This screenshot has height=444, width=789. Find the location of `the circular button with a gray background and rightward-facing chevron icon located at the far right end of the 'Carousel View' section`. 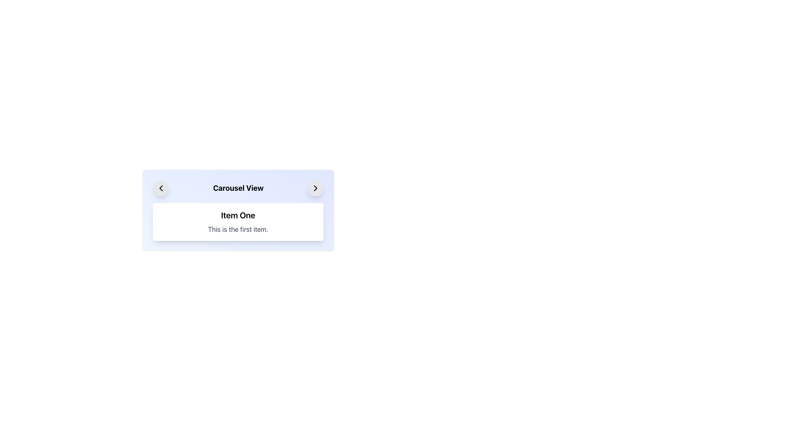

the circular button with a gray background and rightward-facing chevron icon located at the far right end of the 'Carousel View' section is located at coordinates (315, 188).